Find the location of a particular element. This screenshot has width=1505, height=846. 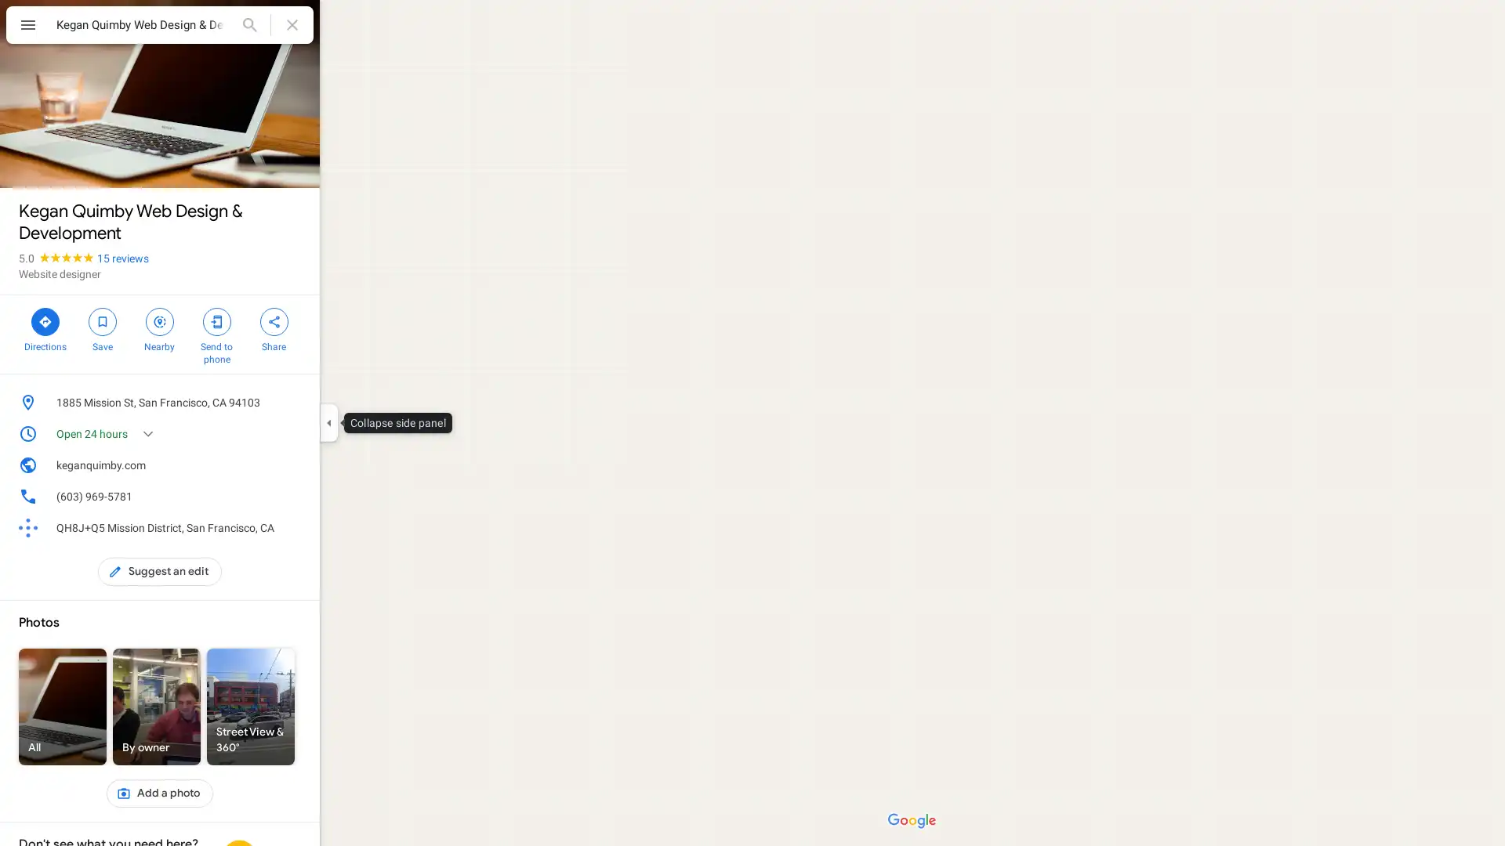

Copy phone number is located at coordinates (270, 496).